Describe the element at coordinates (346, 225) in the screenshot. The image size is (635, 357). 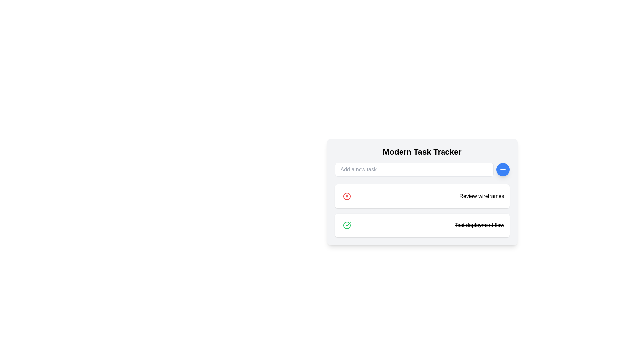
I see `the green circular icon with a checkmark located in the second task row of the task list` at that location.